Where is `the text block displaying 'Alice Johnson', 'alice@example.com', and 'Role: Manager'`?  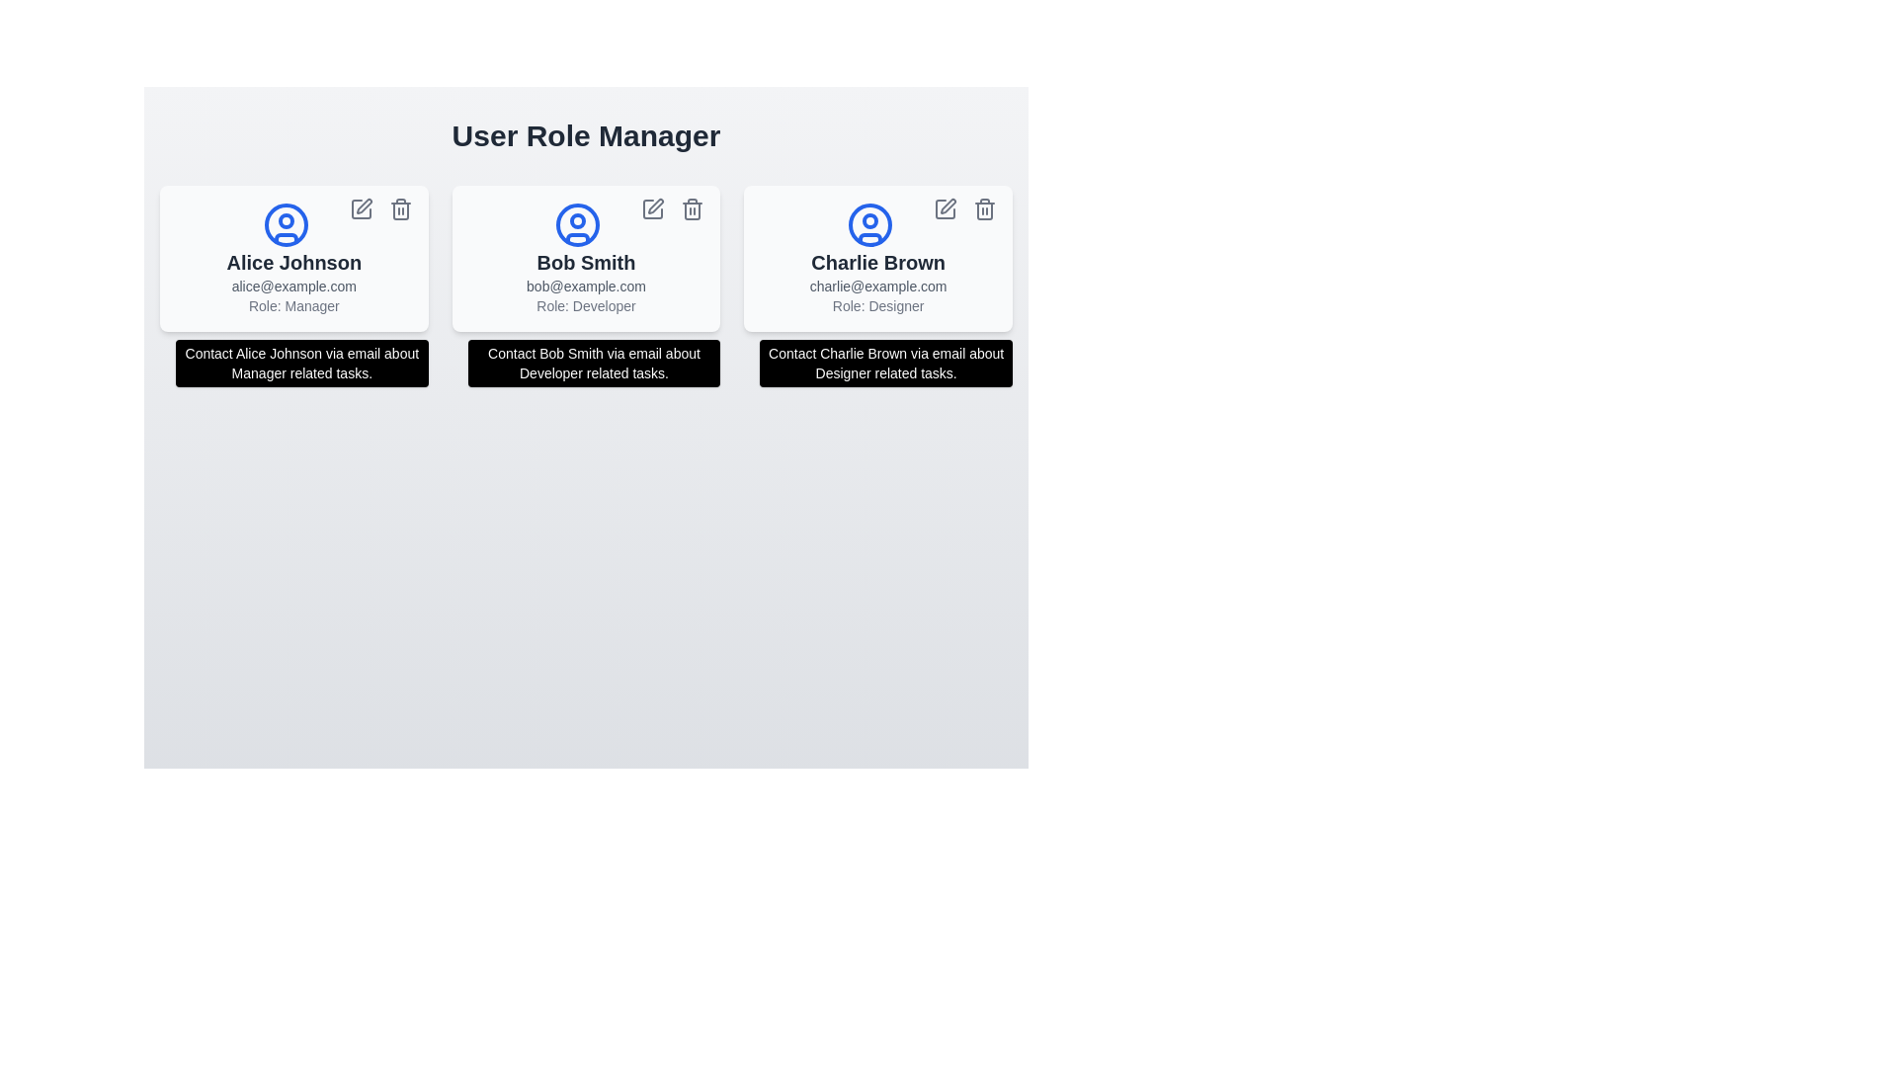
the text block displaying 'Alice Johnson', 'alice@example.com', and 'Role: Manager' is located at coordinates (292, 282).